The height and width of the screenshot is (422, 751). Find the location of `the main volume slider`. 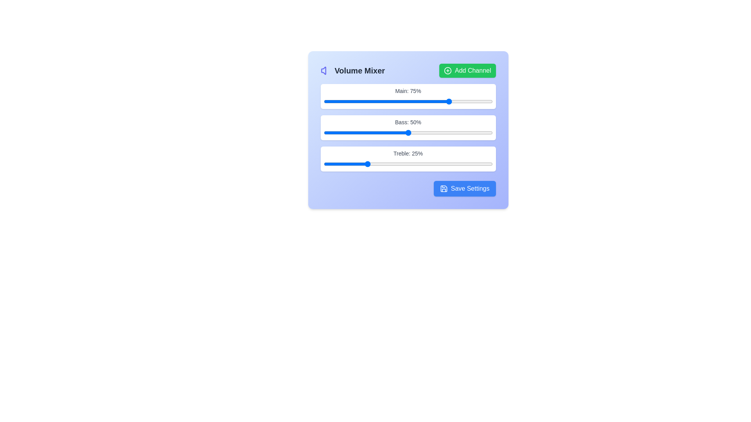

the main volume slider is located at coordinates (423, 101).